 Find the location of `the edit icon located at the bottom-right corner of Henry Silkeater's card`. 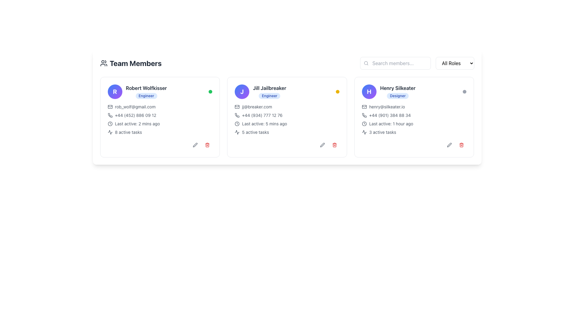

the edit icon located at the bottom-right corner of Henry Silkeater's card is located at coordinates (322, 145).